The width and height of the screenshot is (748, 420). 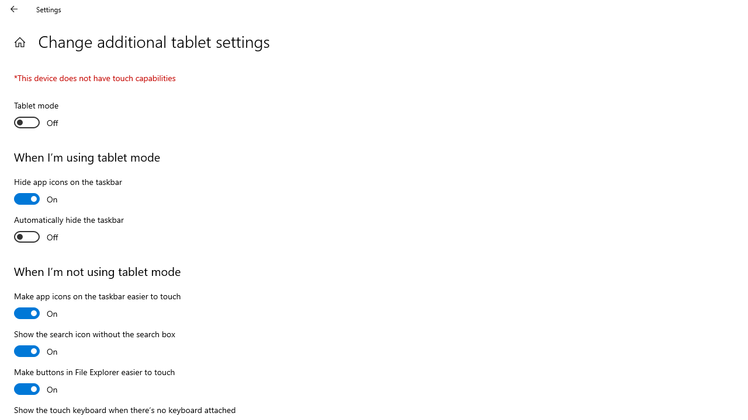 What do you see at coordinates (94, 344) in the screenshot?
I see `'Show the search icon without the search box'` at bounding box center [94, 344].